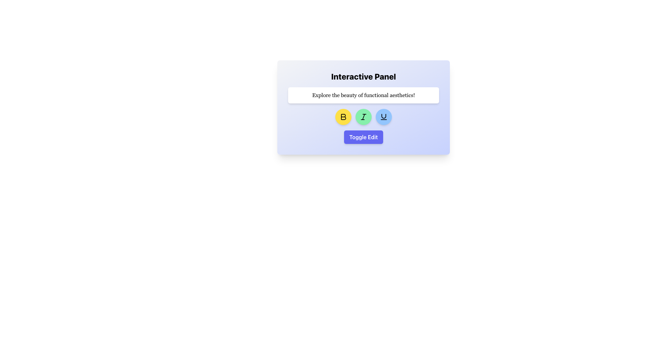  What do you see at coordinates (363, 117) in the screenshot?
I see `the italicize button situated between the bold button and underline button` at bounding box center [363, 117].